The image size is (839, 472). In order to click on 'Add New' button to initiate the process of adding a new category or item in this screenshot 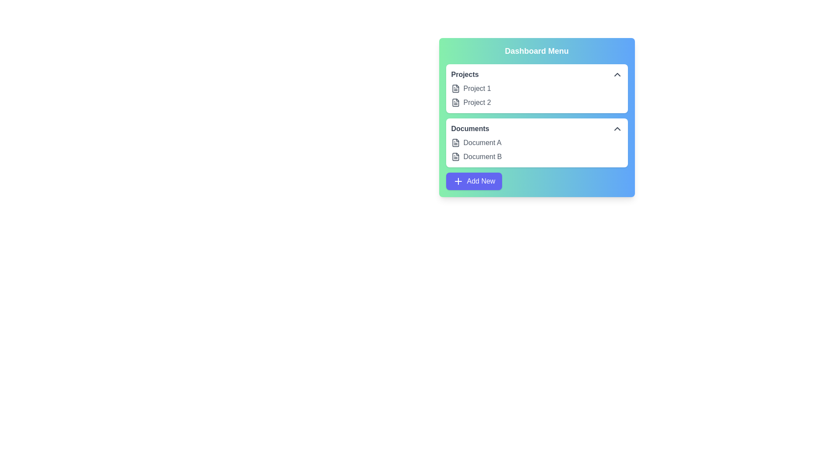, I will do `click(473, 181)`.